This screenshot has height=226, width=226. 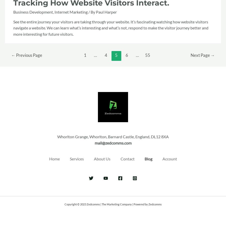 What do you see at coordinates (120, 158) in the screenshot?
I see `'Contact'` at bounding box center [120, 158].